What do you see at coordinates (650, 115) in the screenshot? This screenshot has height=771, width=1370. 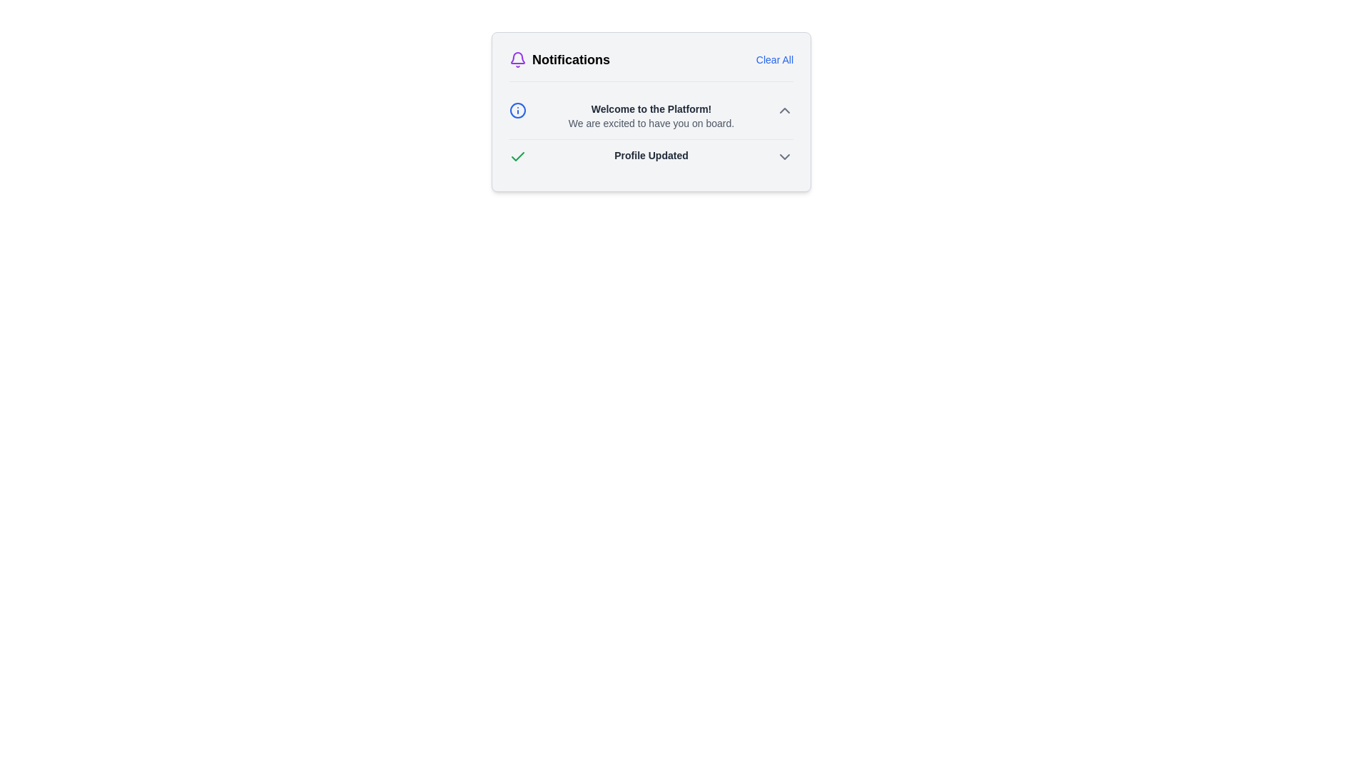 I see `the static text block that says 'Welcome to the Platform!' and 'We are excited to have you on board.'` at bounding box center [650, 115].